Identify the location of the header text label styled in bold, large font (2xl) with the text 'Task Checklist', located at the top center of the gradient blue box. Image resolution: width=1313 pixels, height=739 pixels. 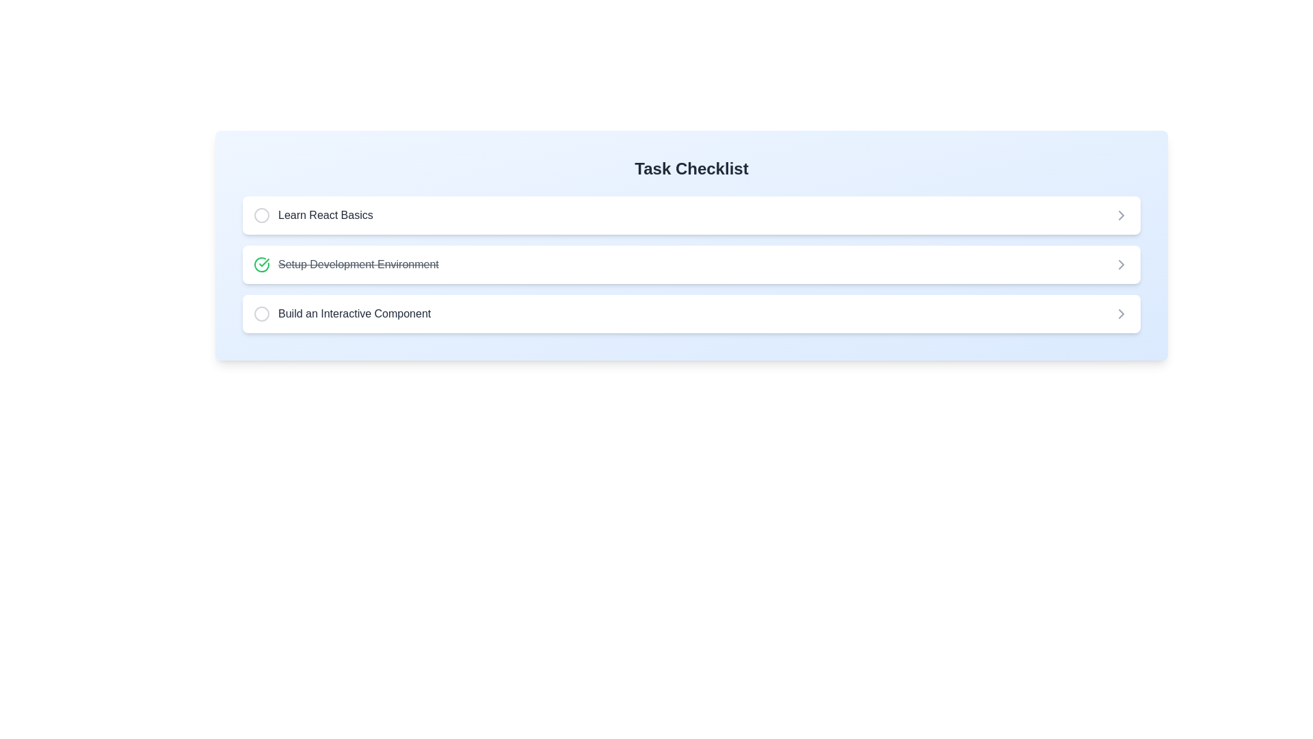
(691, 168).